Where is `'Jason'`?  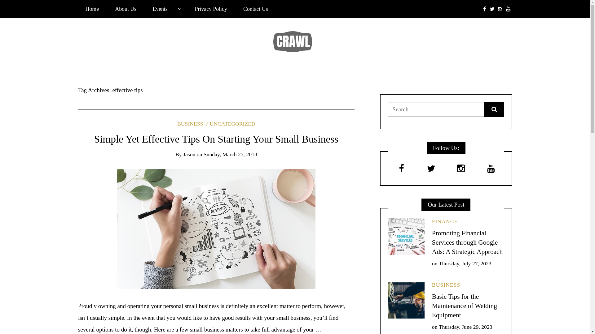
'Jason' is located at coordinates (189, 154).